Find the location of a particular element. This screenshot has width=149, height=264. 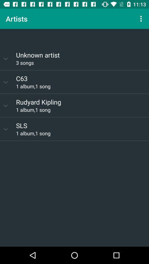

the app above the unknown artist is located at coordinates (74, 37).